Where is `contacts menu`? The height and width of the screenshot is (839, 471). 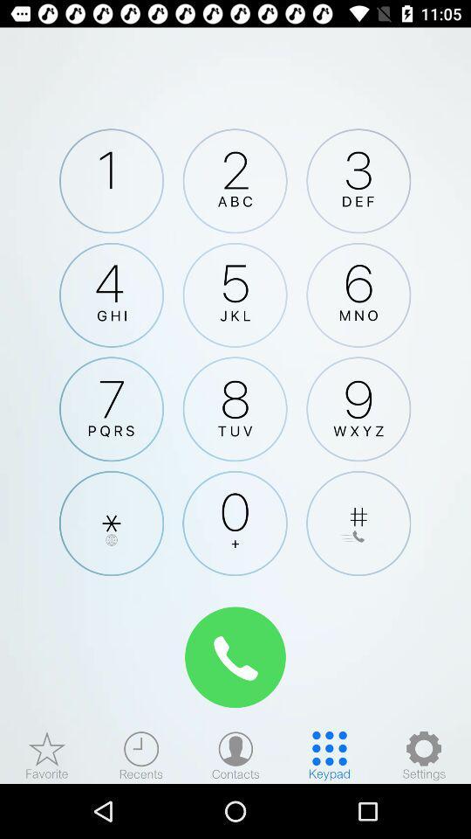 contacts menu is located at coordinates (235, 754).